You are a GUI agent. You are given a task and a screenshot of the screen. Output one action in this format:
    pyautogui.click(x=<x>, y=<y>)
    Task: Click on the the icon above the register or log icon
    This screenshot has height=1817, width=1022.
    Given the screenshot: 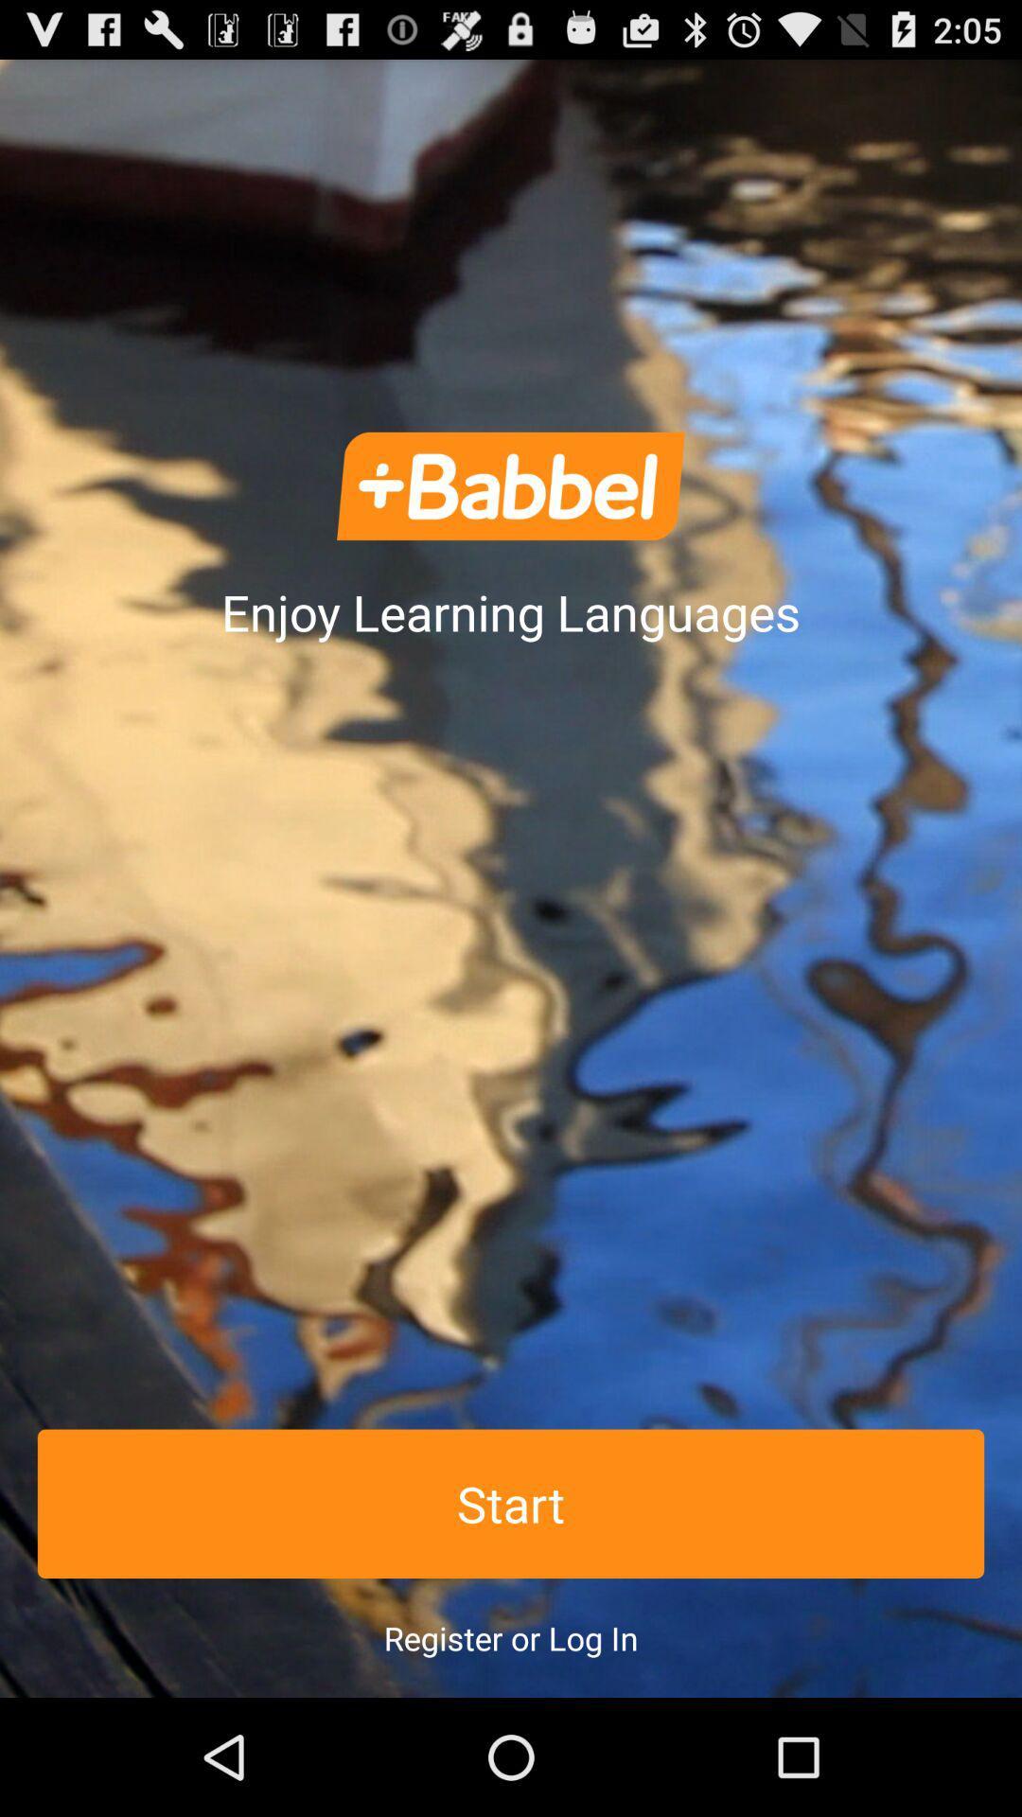 What is the action you would take?
    pyautogui.click(x=511, y=1503)
    